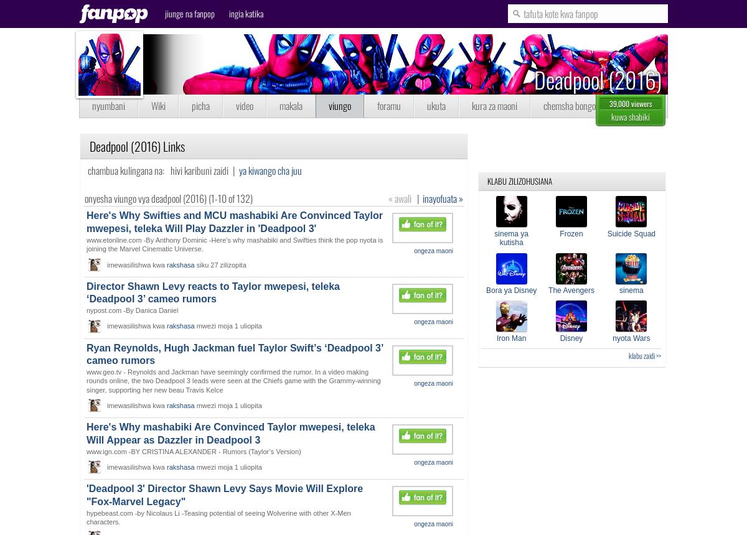  Describe the element at coordinates (235, 353) in the screenshot. I see `'Ryan Reynolds, Hugh Jackman fuel Taylor Swift’s ‘Deadpool 3’ cameo rumors'` at that location.